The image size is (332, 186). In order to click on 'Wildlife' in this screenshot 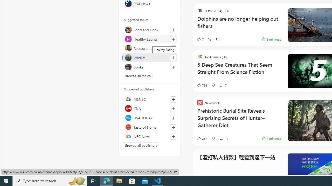, I will do `click(149, 57)`.